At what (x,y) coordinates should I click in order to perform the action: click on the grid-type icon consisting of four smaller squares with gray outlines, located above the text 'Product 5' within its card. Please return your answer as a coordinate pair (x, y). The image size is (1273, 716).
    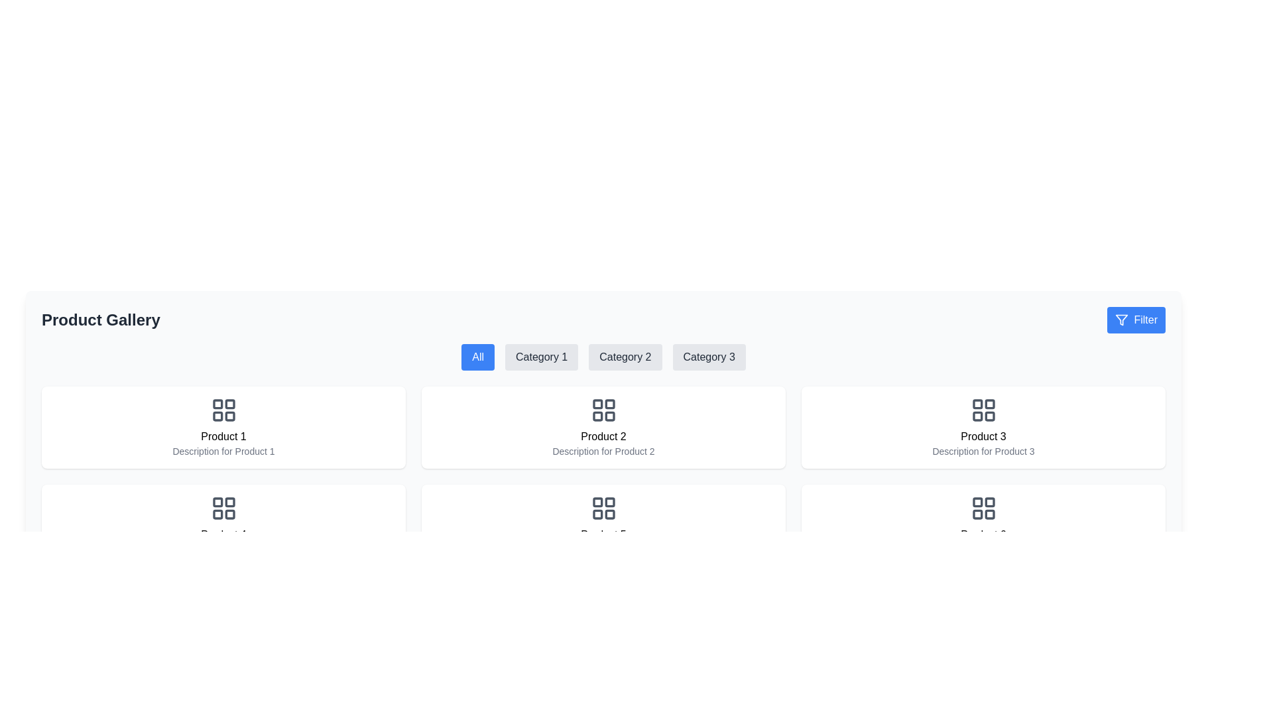
    Looking at the image, I should click on (603, 508).